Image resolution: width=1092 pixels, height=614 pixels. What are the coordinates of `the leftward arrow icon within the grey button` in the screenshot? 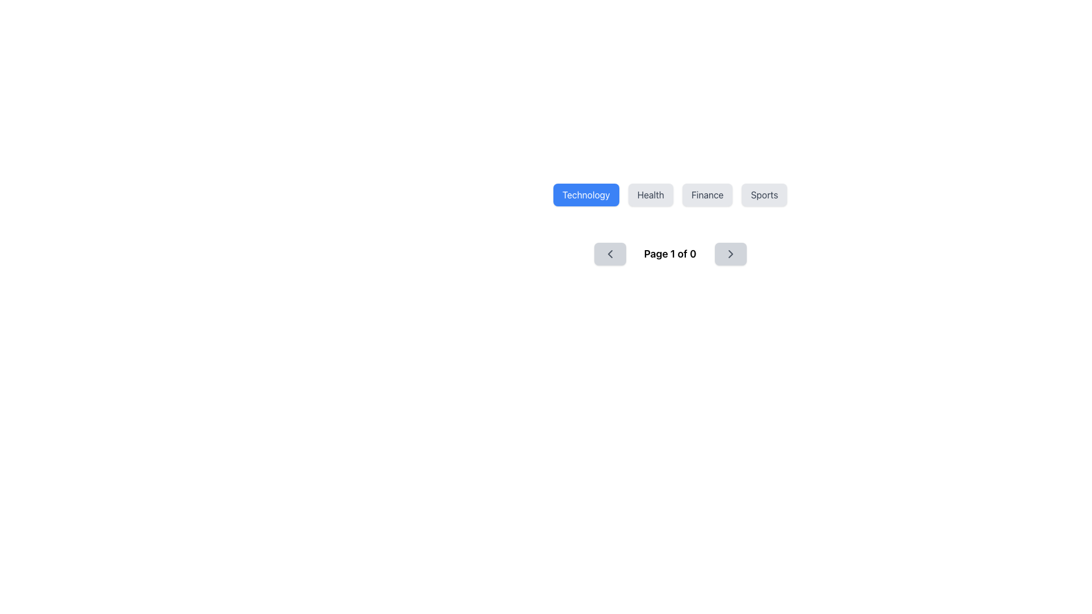 It's located at (609, 254).